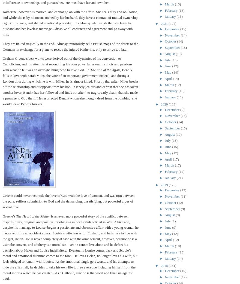  What do you see at coordinates (2, 23) in the screenshot?
I see `'Katherine, however, is married, and cannot go on with the affair.  She feels duty and obligation, and while she is by no means owned by her husband, they have a contract of mutual ownership, rights of privacy, and shared emotional property.  It is Almasy who insists that she leave her husband and her loveless marriage – dissolve all contracts and agreement and go away with him.'` at bounding box center [2, 23].